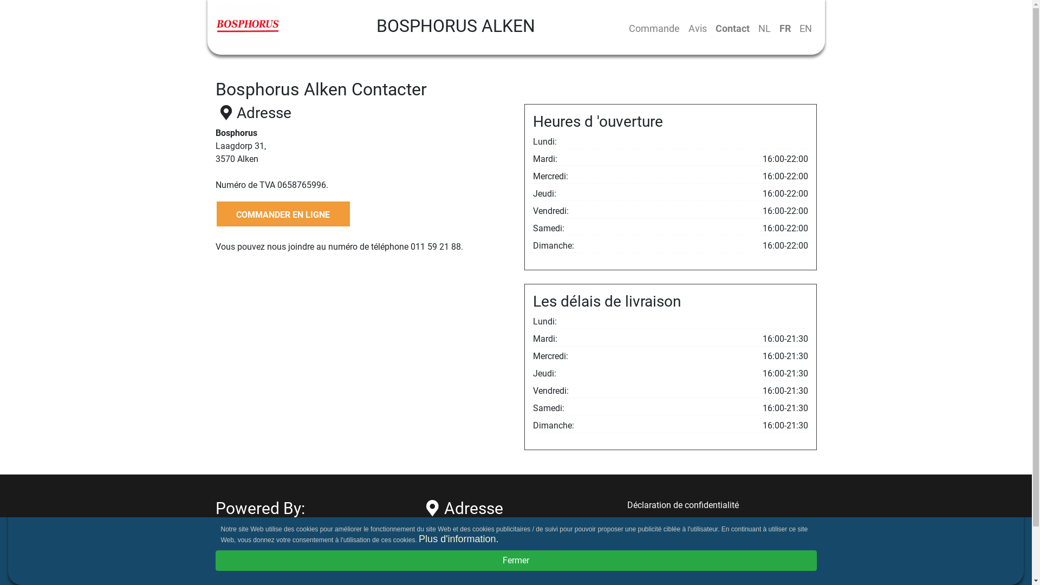 The height and width of the screenshot is (585, 1040). I want to click on 'Contact', so click(732, 28).